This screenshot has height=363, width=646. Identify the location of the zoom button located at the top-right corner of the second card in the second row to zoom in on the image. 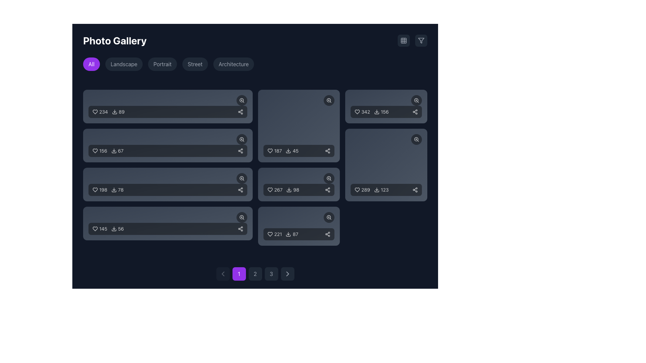
(329, 100).